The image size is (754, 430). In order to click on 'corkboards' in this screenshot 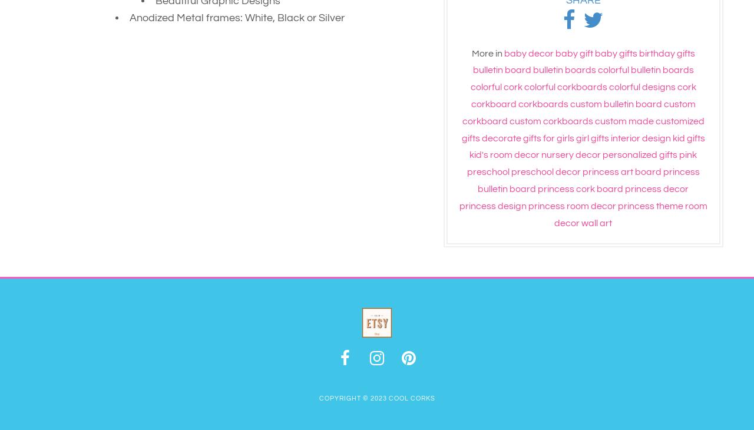, I will do `click(542, 103)`.